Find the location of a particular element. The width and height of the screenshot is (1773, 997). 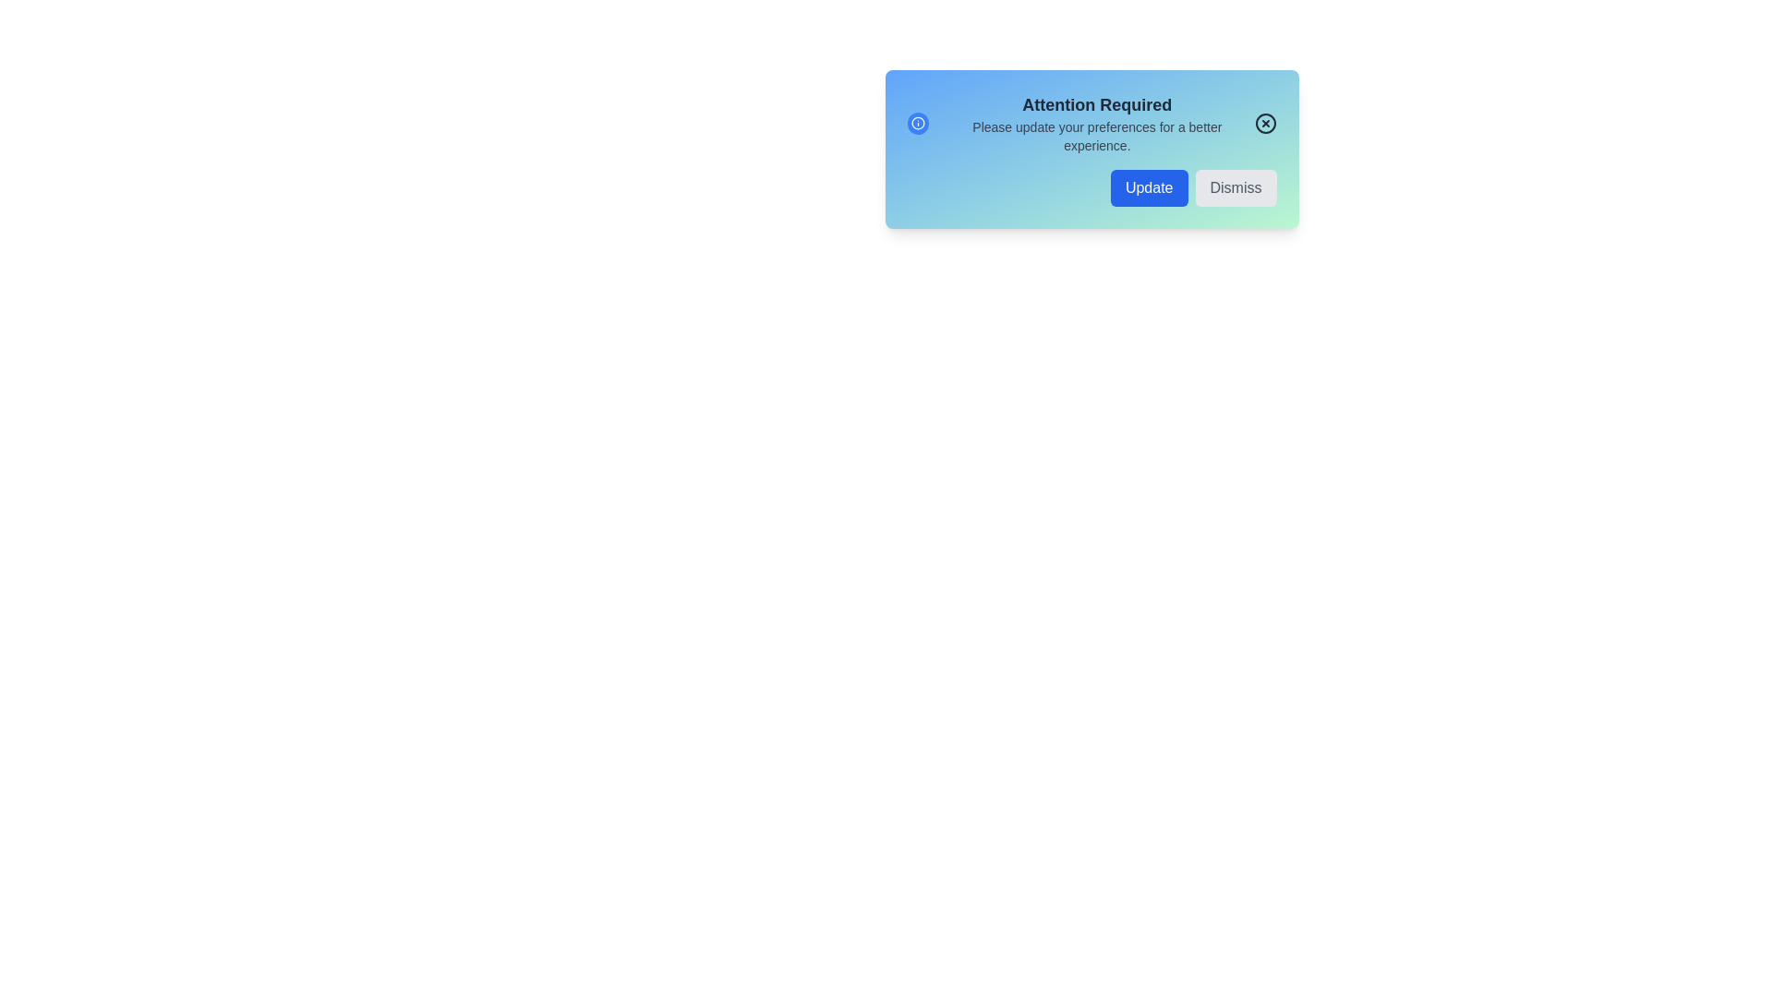

'Update' button to update preferences is located at coordinates (1148, 188).